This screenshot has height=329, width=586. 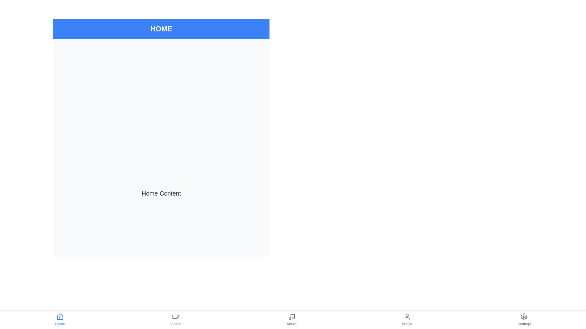 What do you see at coordinates (60, 317) in the screenshot?
I see `the 'Home' icon in the bottom navigation bar, which is visually represented as an SVG element and located at the far-left above the text 'Home'` at bounding box center [60, 317].